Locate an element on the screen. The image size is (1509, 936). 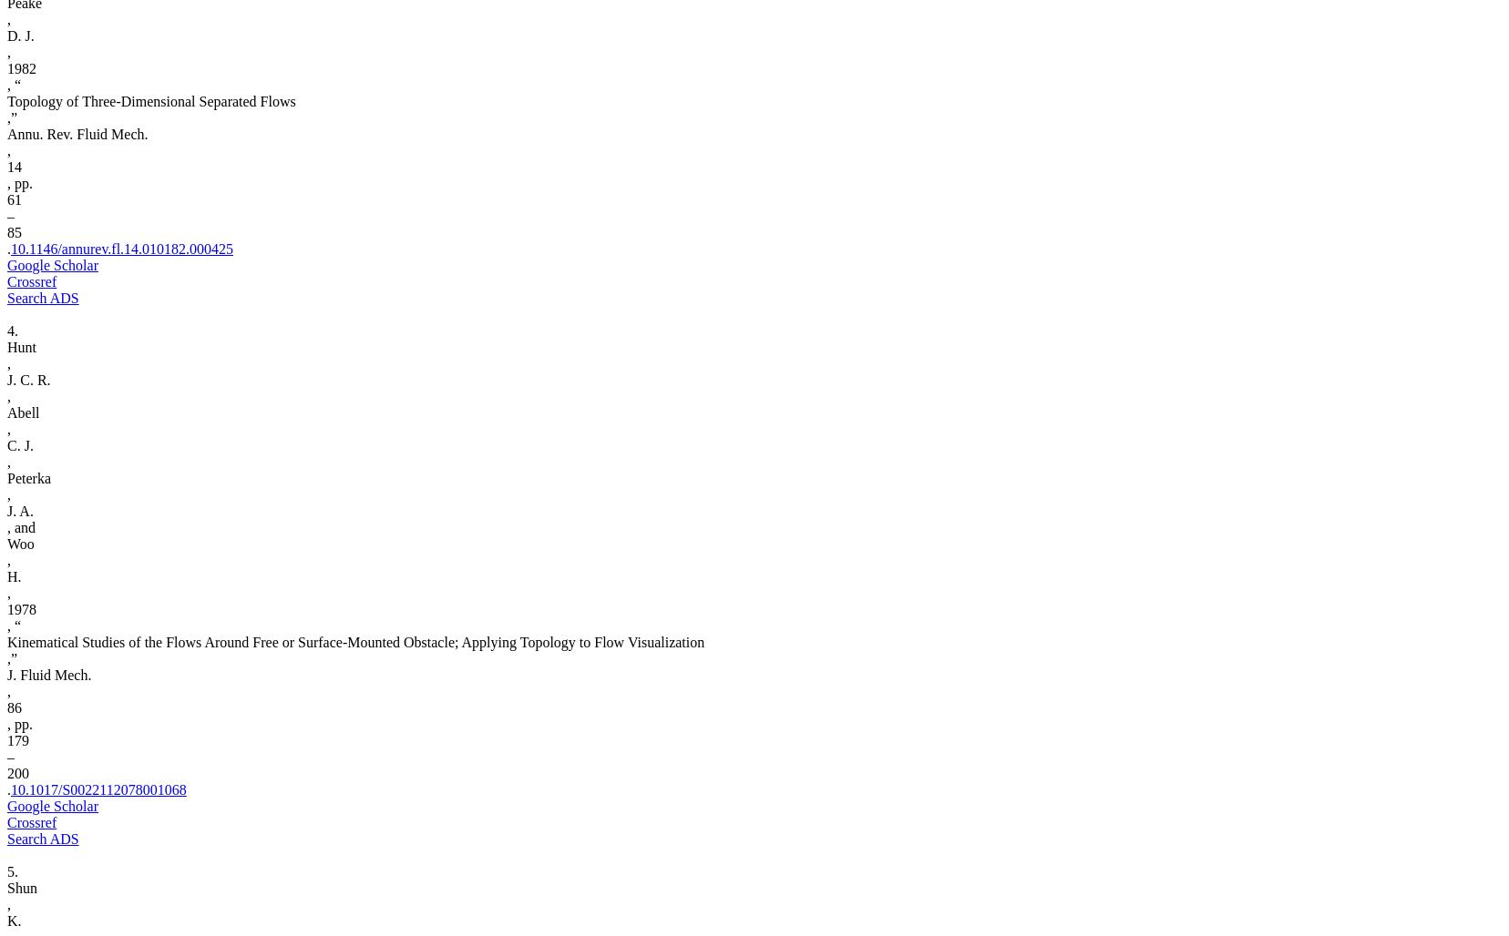
', and' is located at coordinates (20, 526).